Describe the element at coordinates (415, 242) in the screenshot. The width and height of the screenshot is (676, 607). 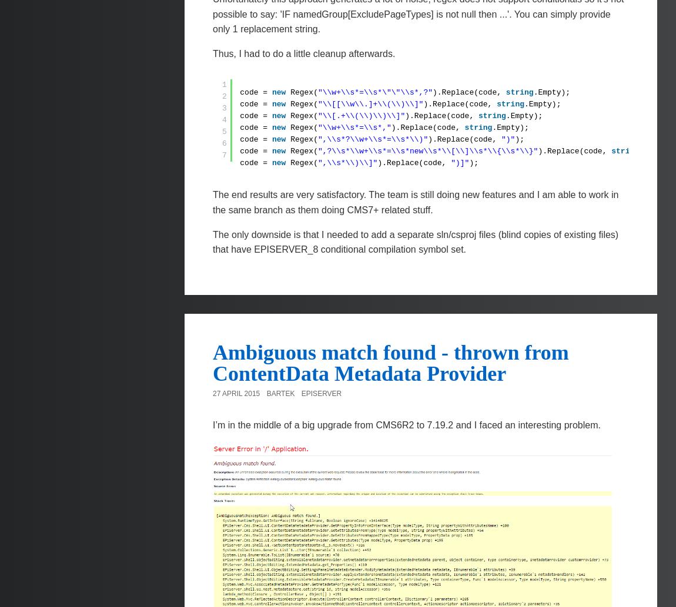
I see `'The only downside is that I needed to add a separate sln/csproj files (blind copies of existing files) that have EPISERVER_8 conditional compilation symbol set.'` at that location.